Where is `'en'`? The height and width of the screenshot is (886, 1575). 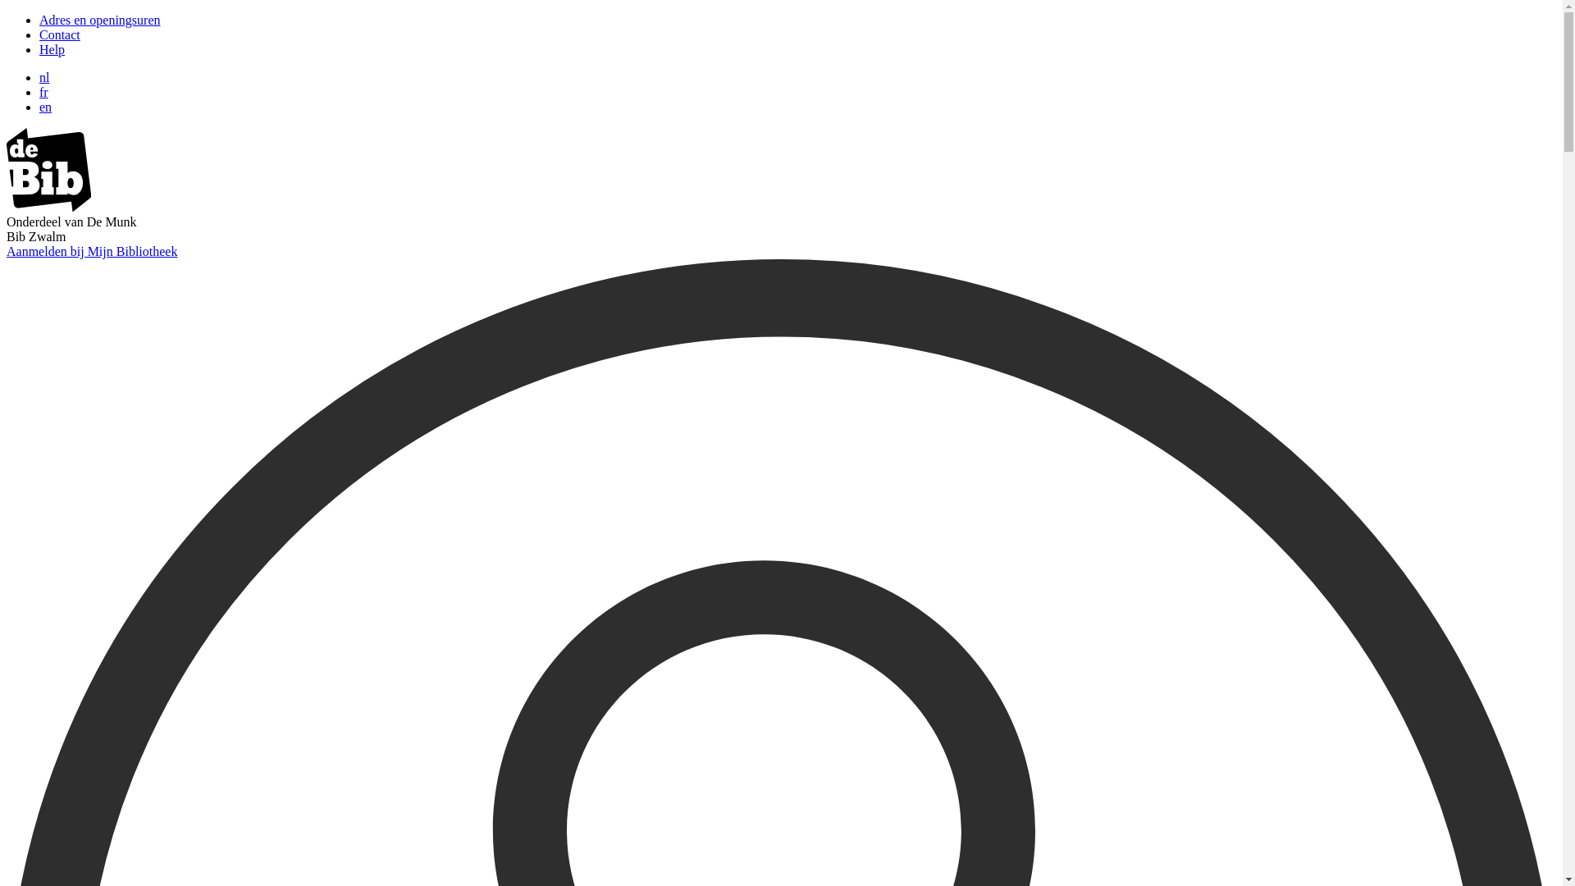 'en' is located at coordinates (45, 107).